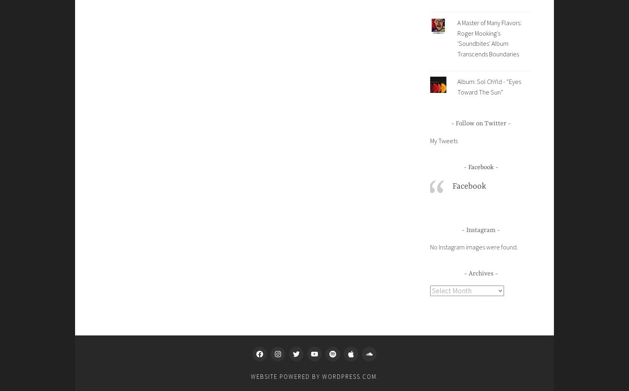 This screenshot has height=391, width=629. I want to click on 'Instagram', so click(466, 230).